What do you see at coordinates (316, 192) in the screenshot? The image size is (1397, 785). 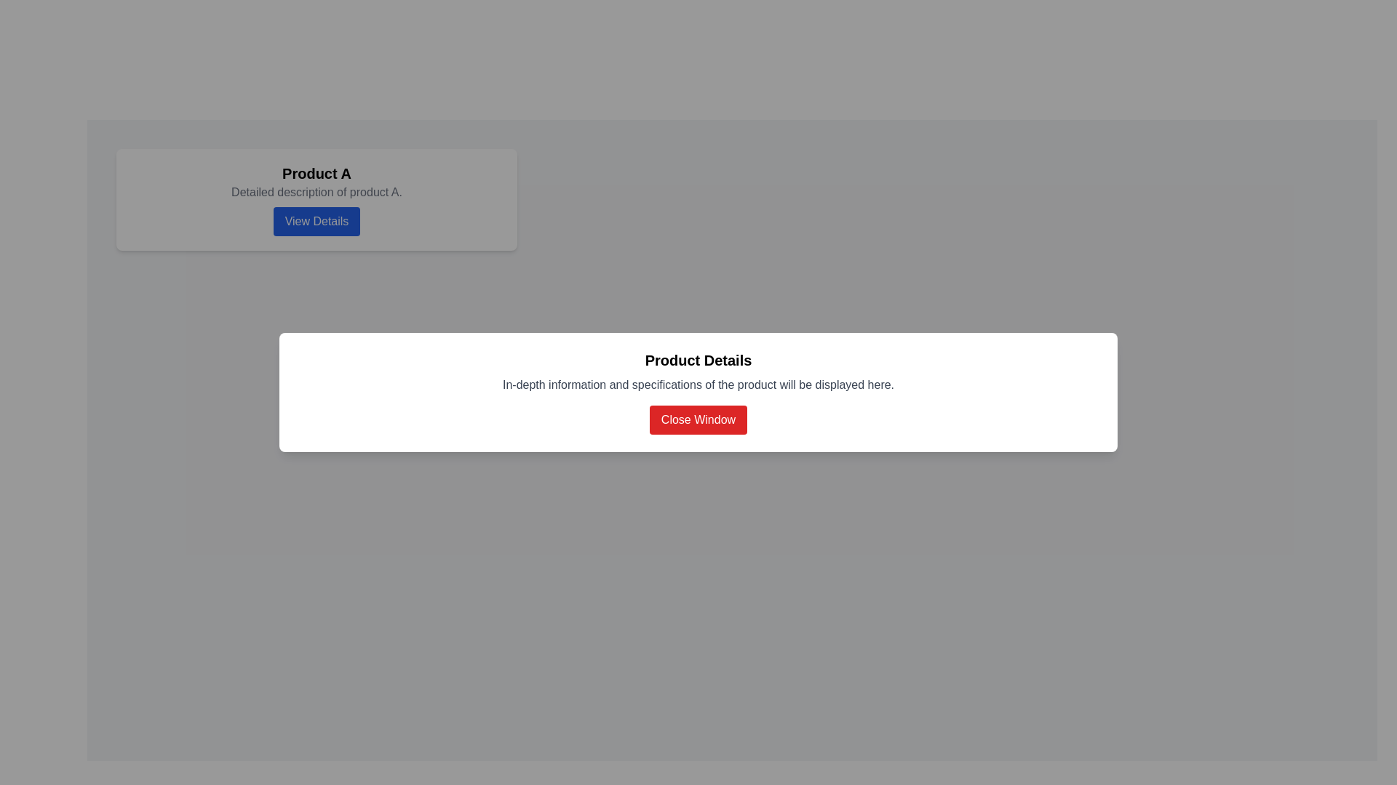 I see `the text label providing a brief description of the product, which is positioned directly below the 'Product A' header and above the 'View Details' button` at bounding box center [316, 192].